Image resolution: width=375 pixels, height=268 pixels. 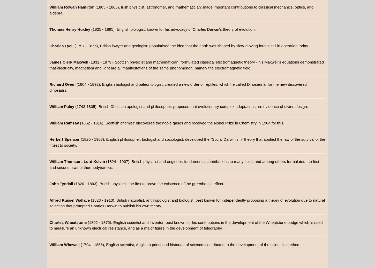 I want to click on 'Richard Owen', so click(x=49, y=84).